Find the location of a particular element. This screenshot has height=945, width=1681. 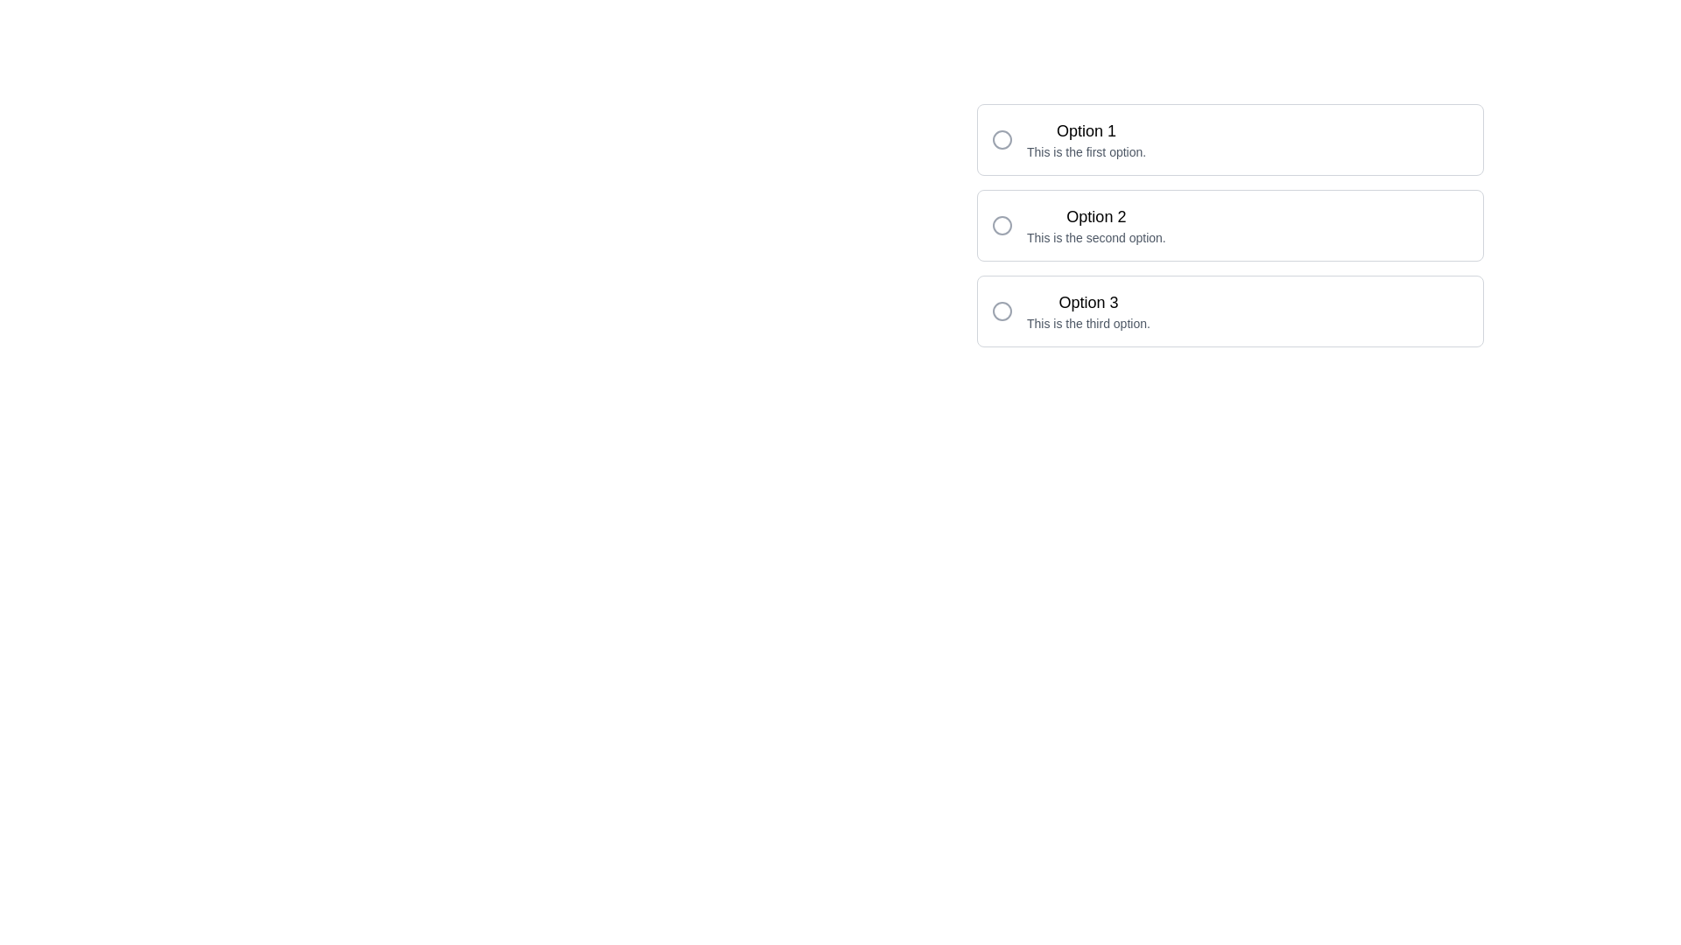

the radio button (circle) icon located to the left of 'Option 2' in the vertically stacked selection menu for feedback is located at coordinates (1002, 225).